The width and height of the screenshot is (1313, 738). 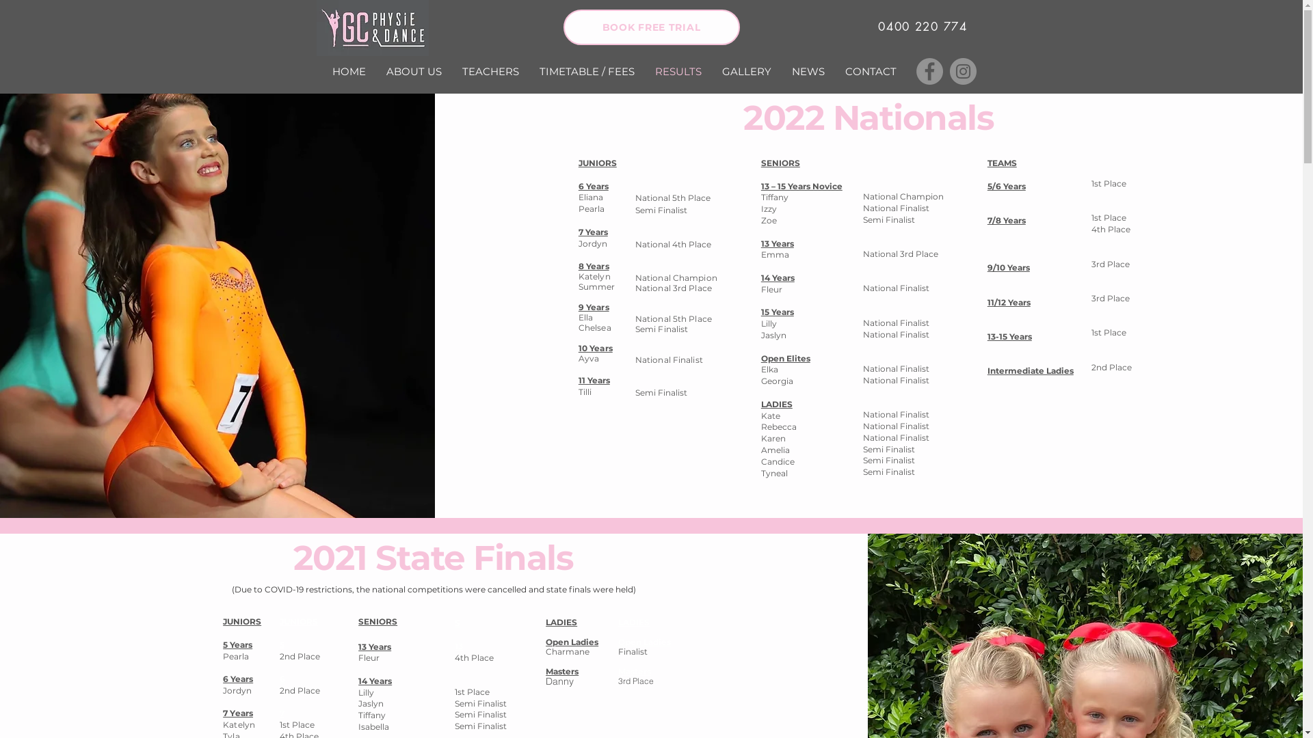 What do you see at coordinates (869, 71) in the screenshot?
I see `'CONTACT'` at bounding box center [869, 71].